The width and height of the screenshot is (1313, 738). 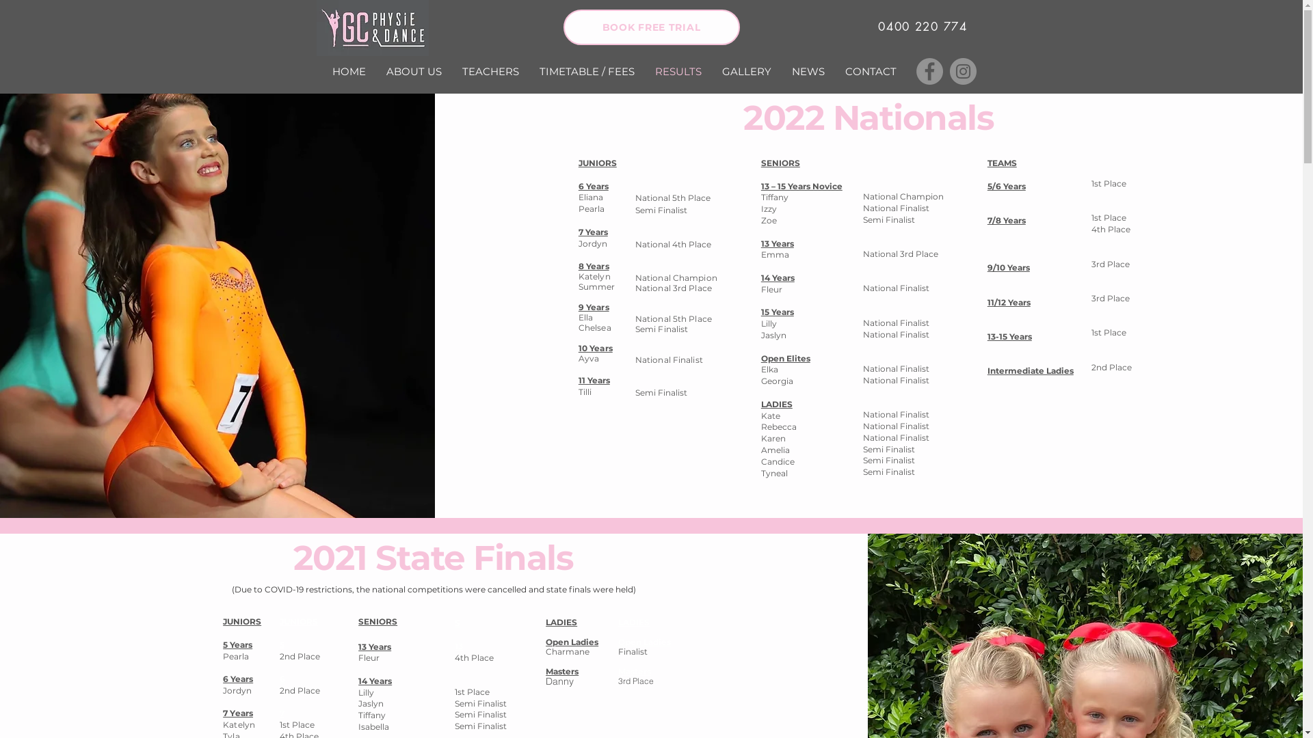 What do you see at coordinates (869, 71) in the screenshot?
I see `'CONTACT'` at bounding box center [869, 71].